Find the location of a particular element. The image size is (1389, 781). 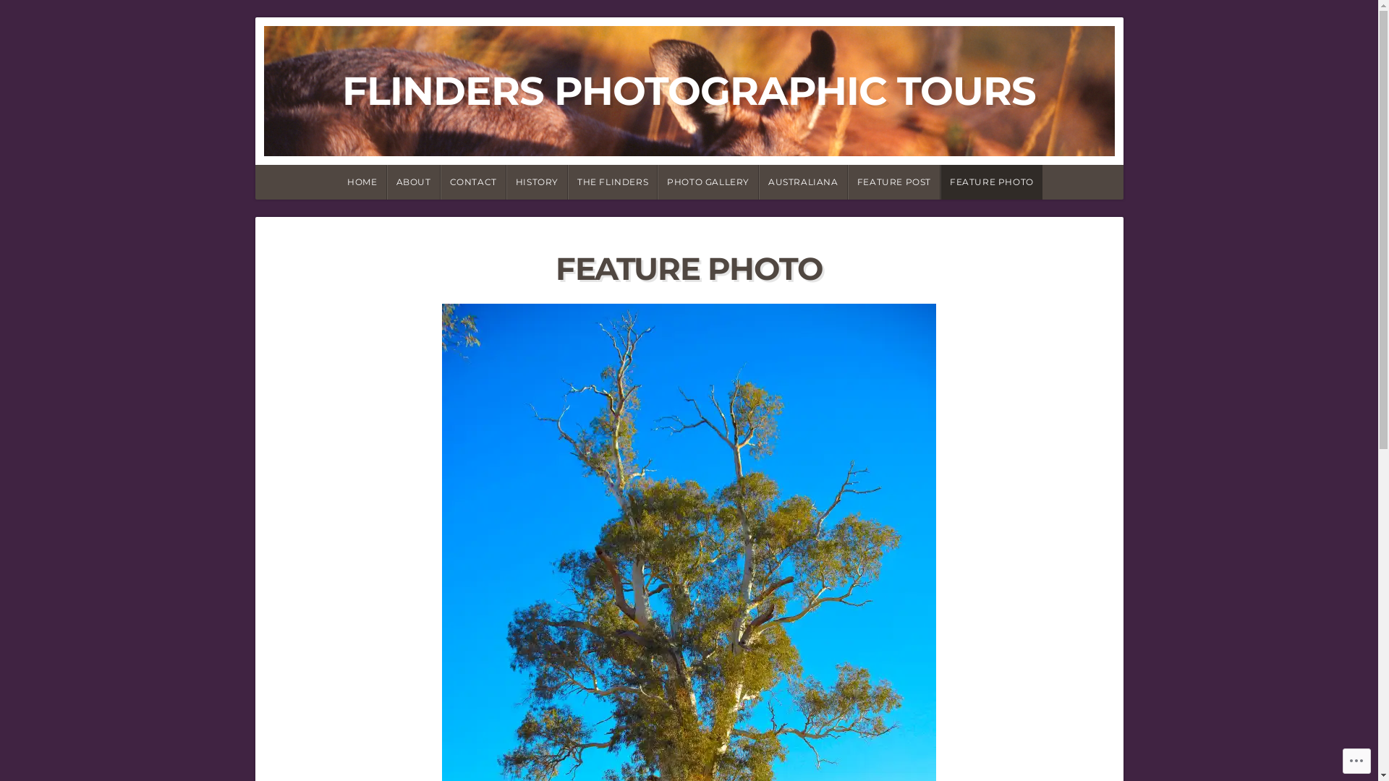

'FEATURE PHOTO' is located at coordinates (990, 181).